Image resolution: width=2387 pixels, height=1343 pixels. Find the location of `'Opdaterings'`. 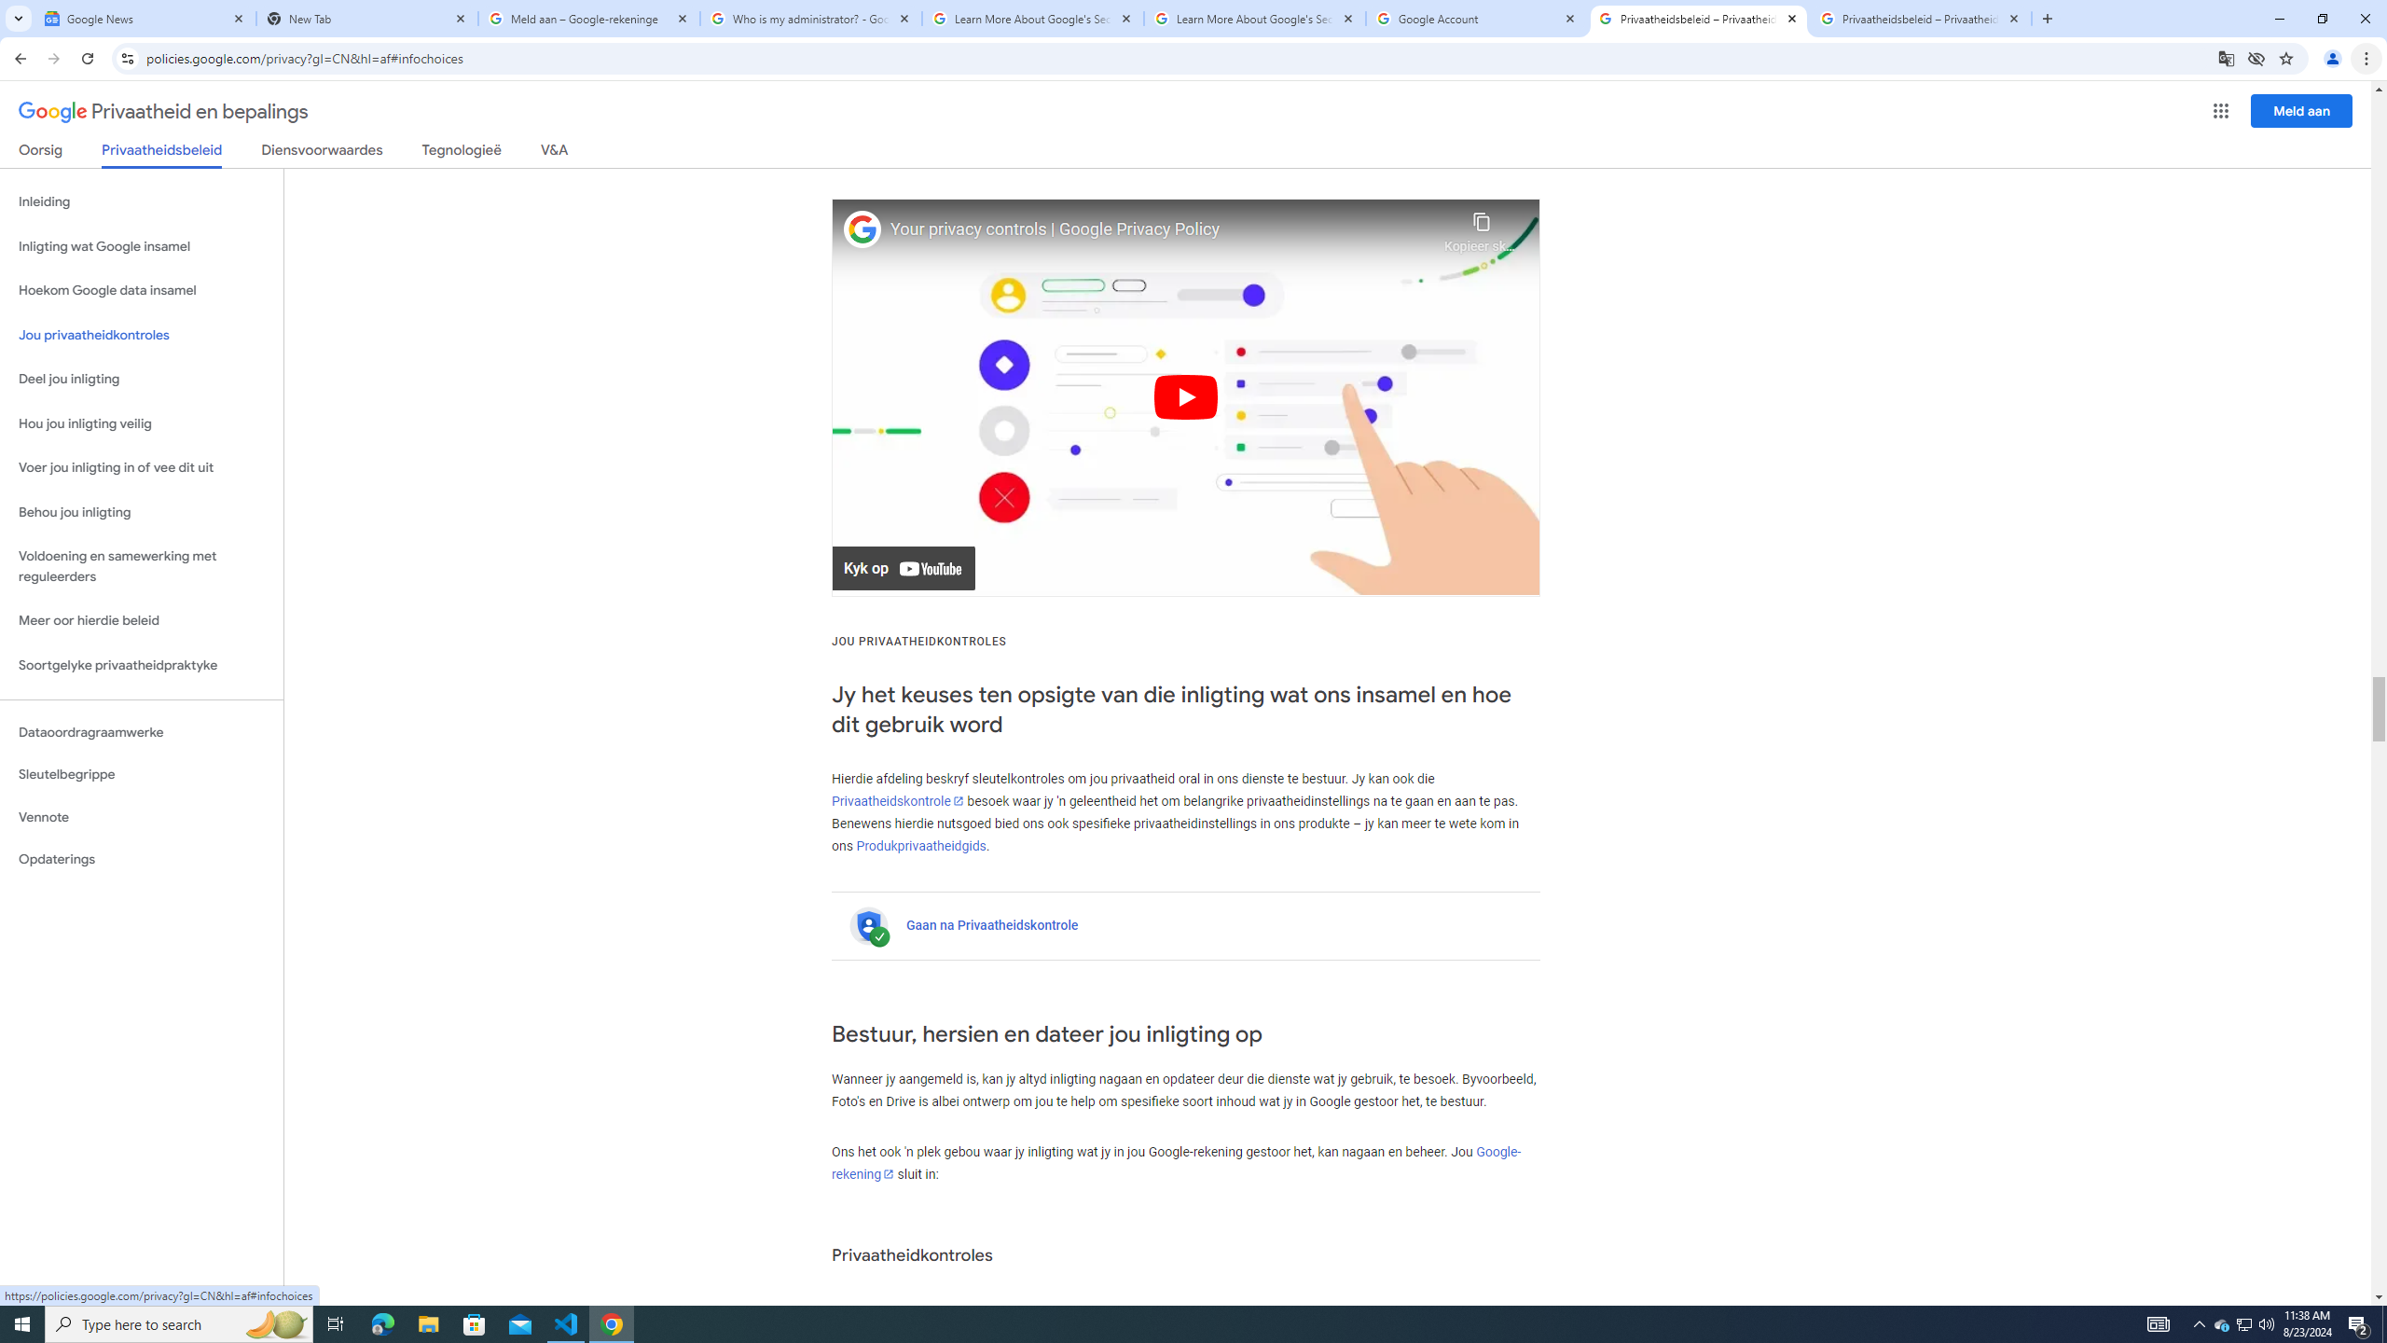

'Opdaterings' is located at coordinates (141, 858).